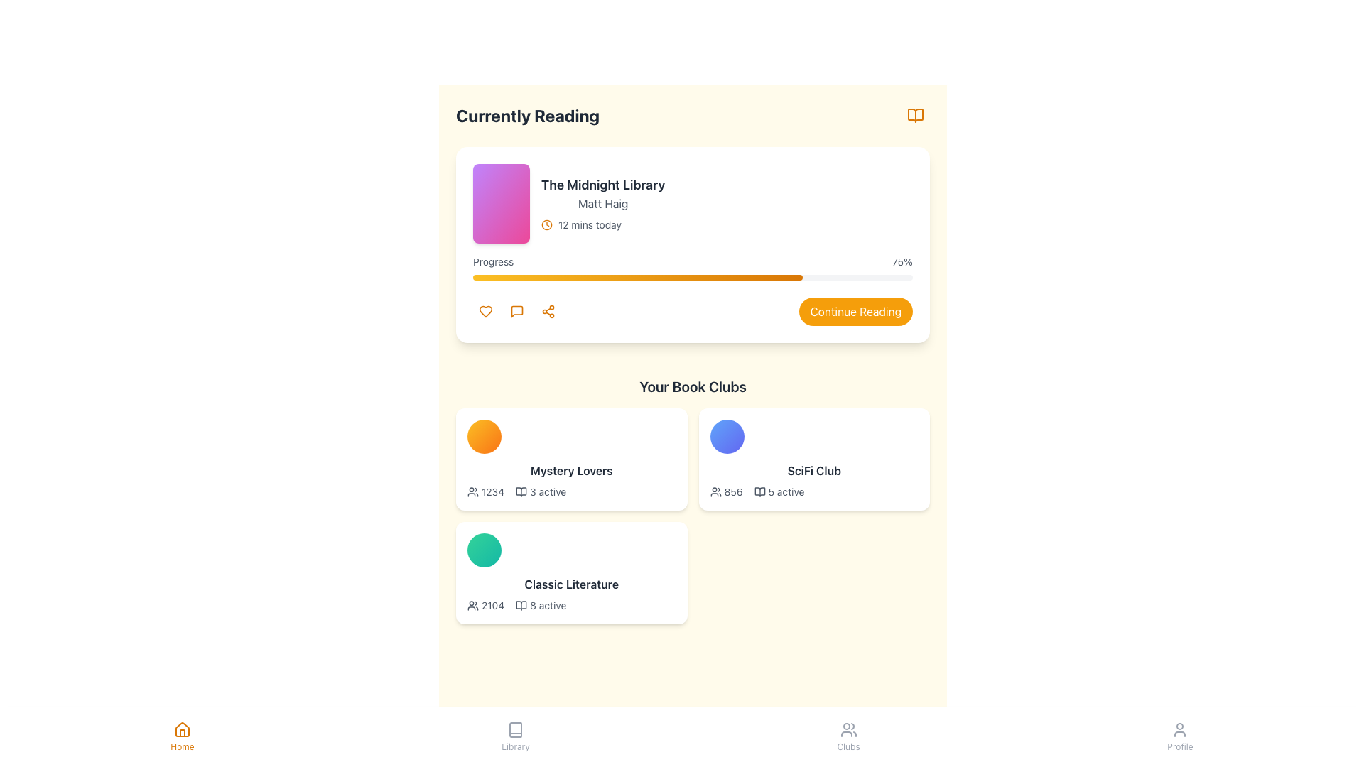  Describe the element at coordinates (603, 185) in the screenshot. I see `the Text label that serves as a title for the associated reading content, positioned at the top of the 'Currently Reading' section` at that location.